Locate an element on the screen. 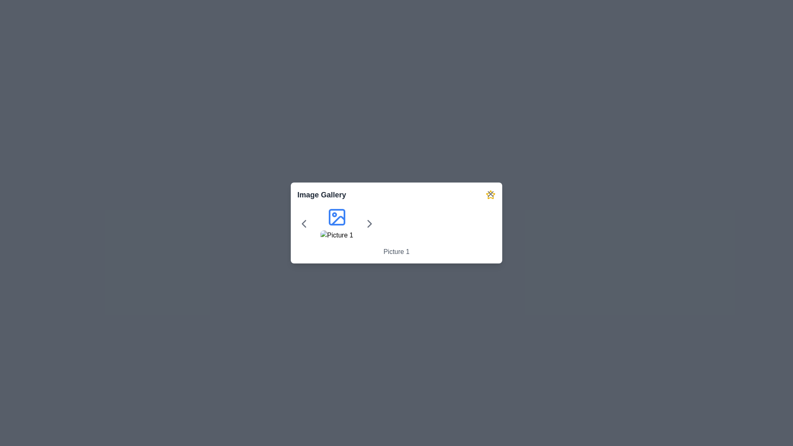 Image resolution: width=793 pixels, height=446 pixels. the image placeholder located in the 'Image Gallery' box, positioned beneath the blue icon labeled 'Picture 1' is located at coordinates (337, 235).